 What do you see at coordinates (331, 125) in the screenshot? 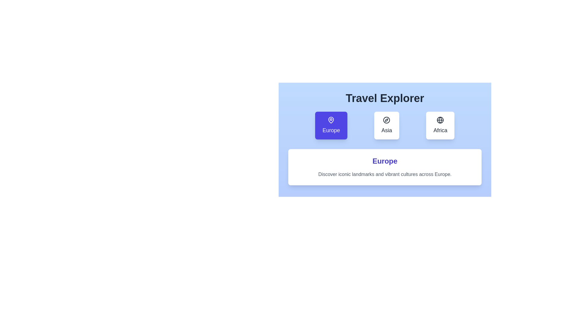
I see `the rectangular button with a purple background and white text reading 'Europe', which is located centrally below the header 'Travel Explorer' and is the first button among three adjacent buttons` at bounding box center [331, 125].